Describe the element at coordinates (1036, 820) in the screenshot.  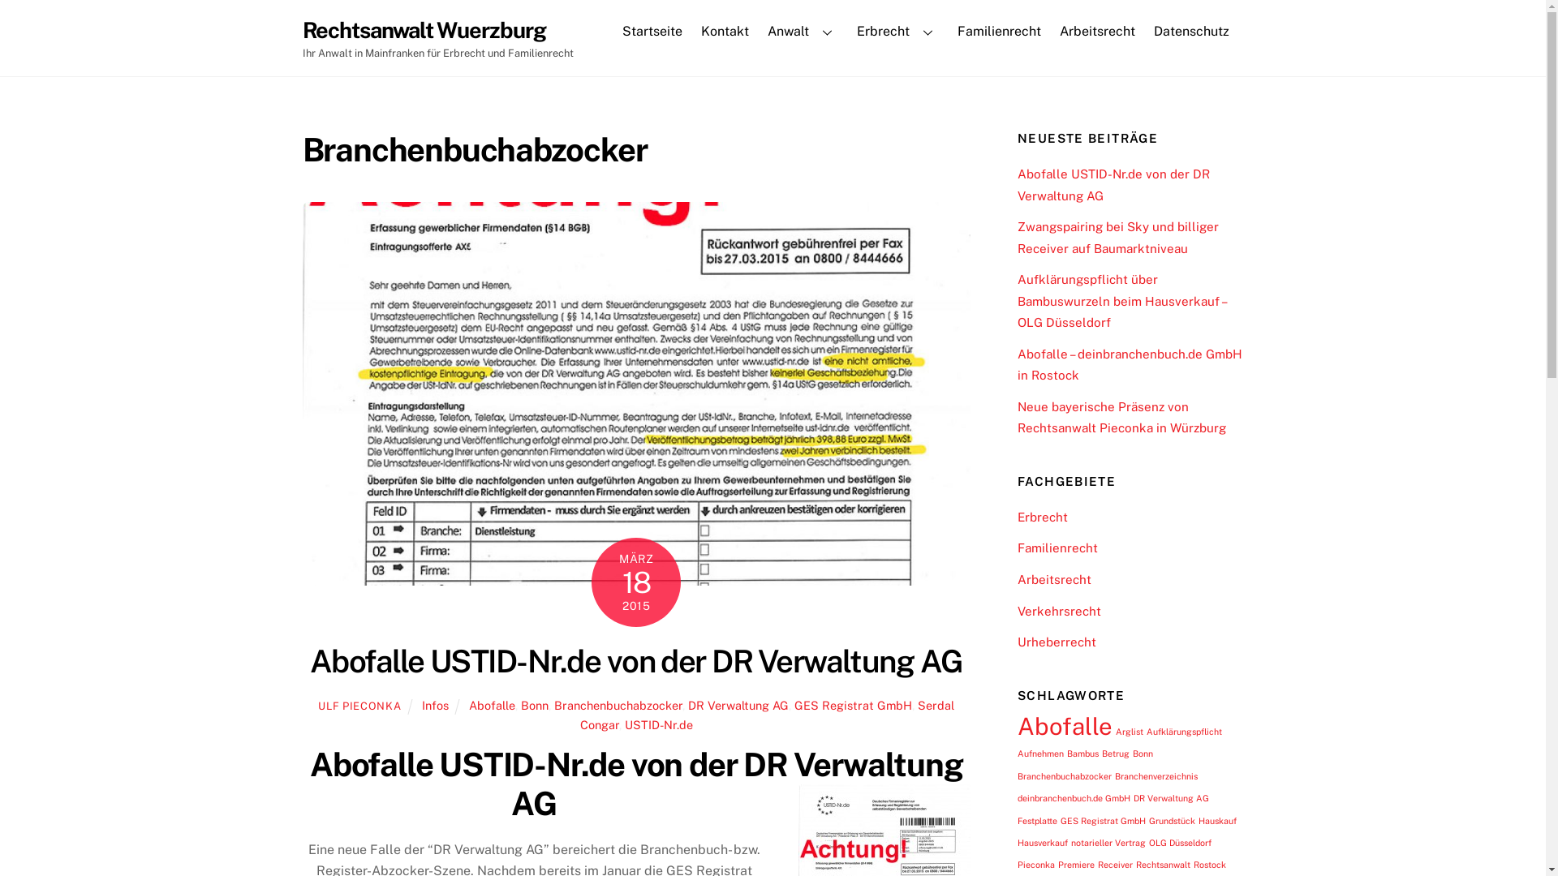
I see `'Festplatte'` at that location.